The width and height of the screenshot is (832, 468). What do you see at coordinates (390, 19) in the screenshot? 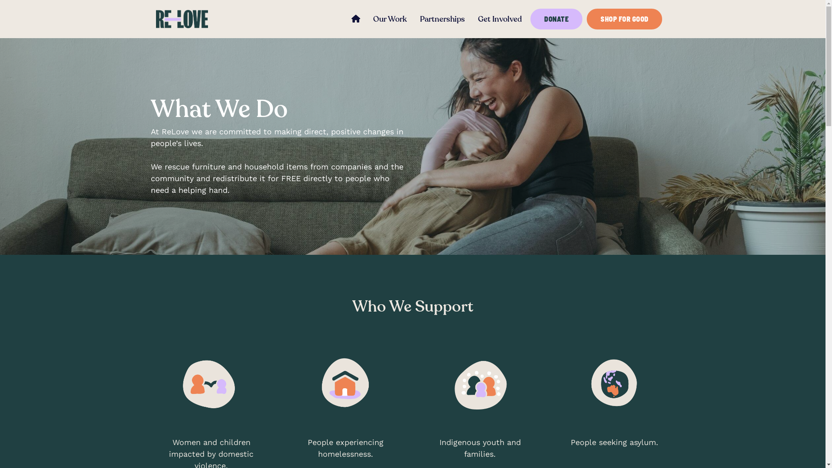
I see `'Our Work'` at bounding box center [390, 19].